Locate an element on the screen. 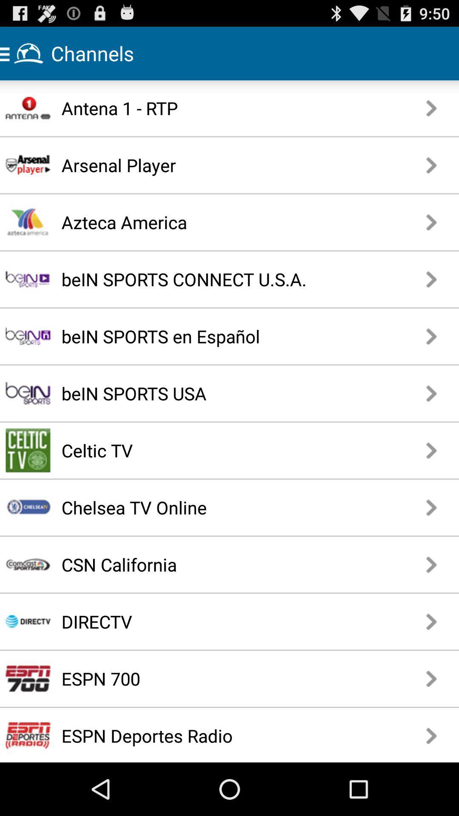 The width and height of the screenshot is (459, 816). app above csn california item is located at coordinates (210, 507).